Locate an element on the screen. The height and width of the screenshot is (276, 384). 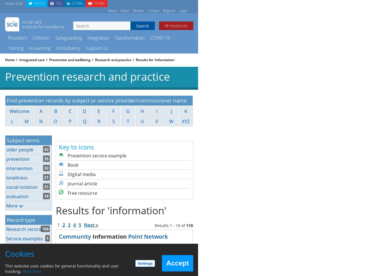
'B' is located at coordinates (55, 111).